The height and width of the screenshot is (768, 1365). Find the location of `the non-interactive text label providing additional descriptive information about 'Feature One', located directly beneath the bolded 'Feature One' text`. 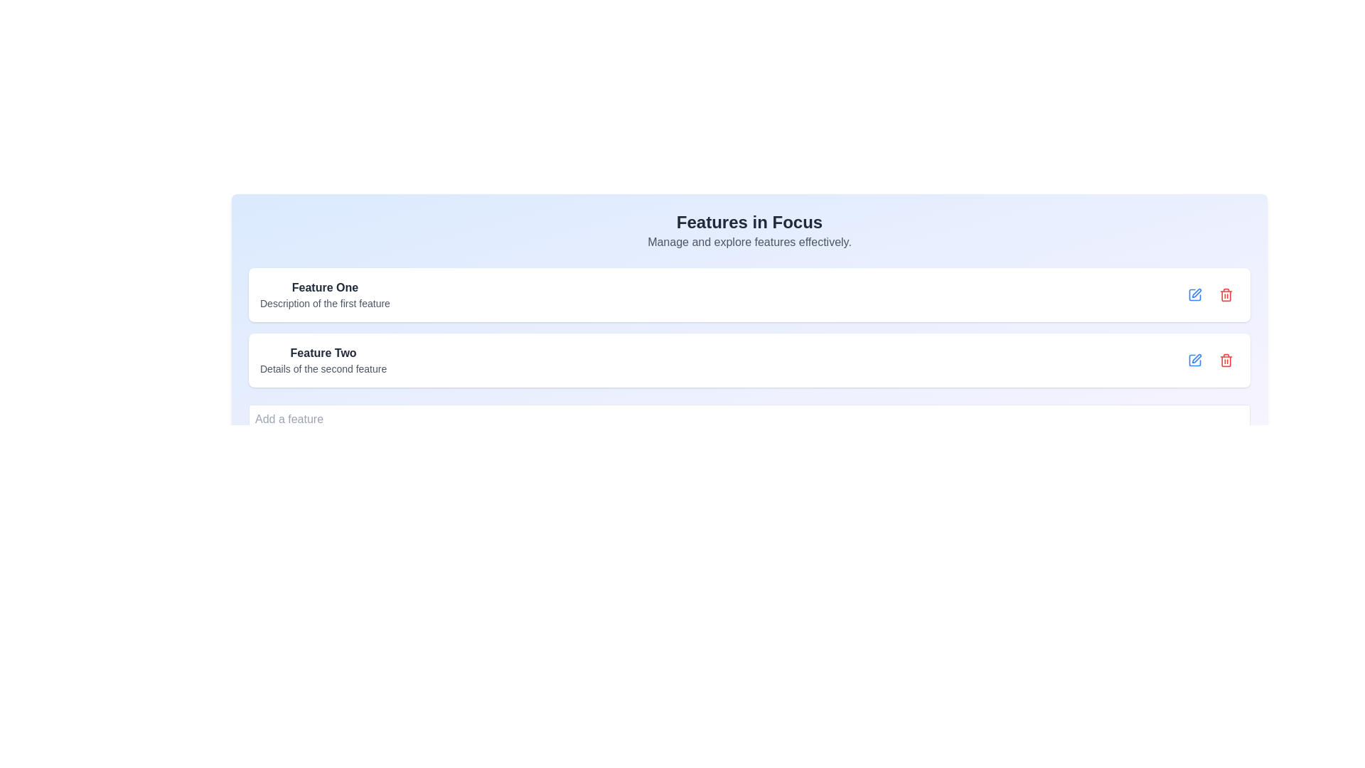

the non-interactive text label providing additional descriptive information about 'Feature One', located directly beneath the bolded 'Feature One' text is located at coordinates (324, 303).